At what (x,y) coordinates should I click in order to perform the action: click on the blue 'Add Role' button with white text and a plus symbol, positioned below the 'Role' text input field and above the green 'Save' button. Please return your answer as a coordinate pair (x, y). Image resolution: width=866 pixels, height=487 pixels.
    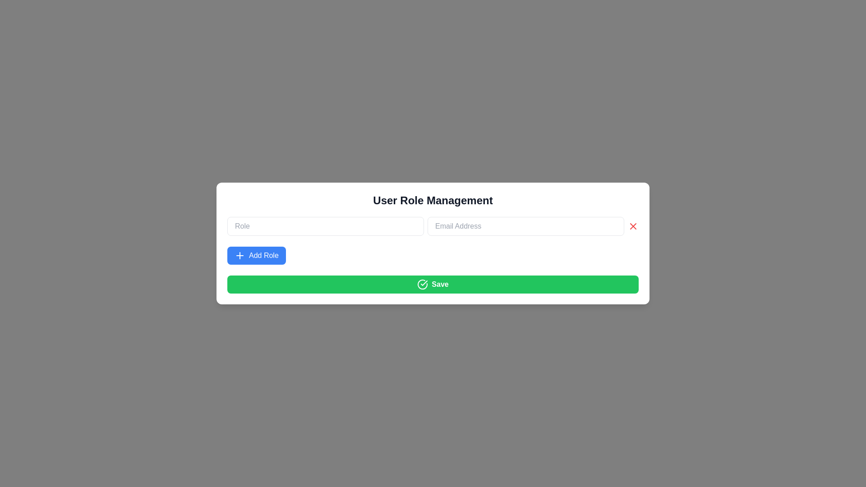
    Looking at the image, I should click on (256, 256).